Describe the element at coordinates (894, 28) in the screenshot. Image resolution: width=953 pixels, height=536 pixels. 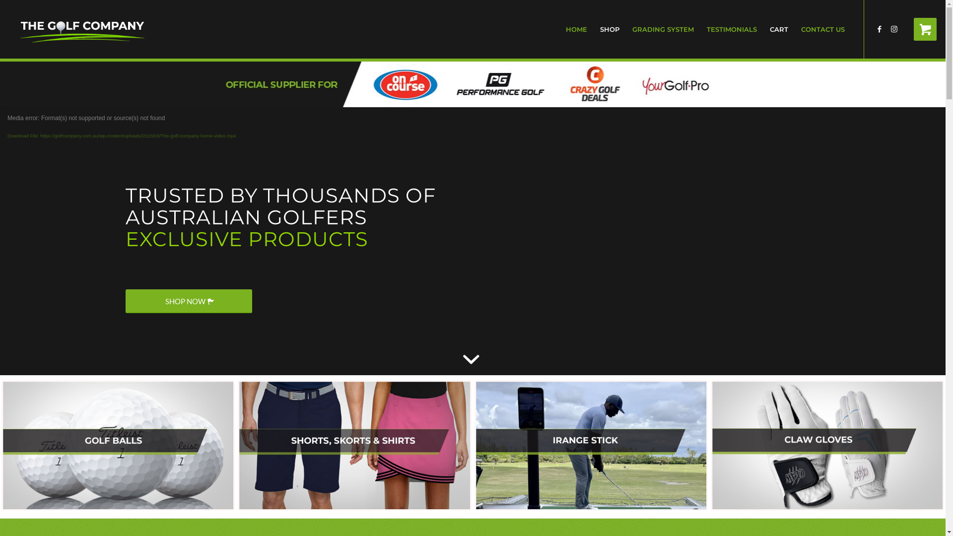
I see `'Instagram'` at that location.